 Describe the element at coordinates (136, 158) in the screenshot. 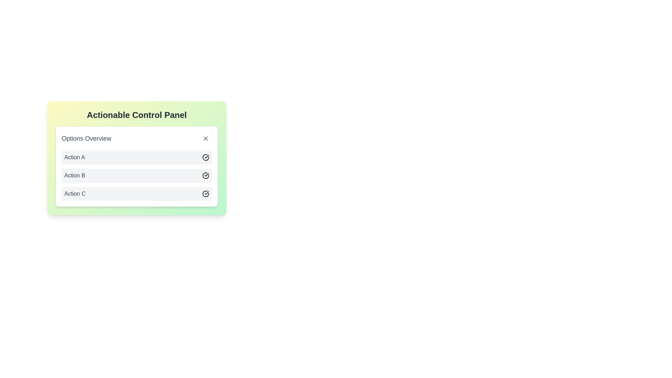

I see `the control panel located in the upper left of the interface` at that location.